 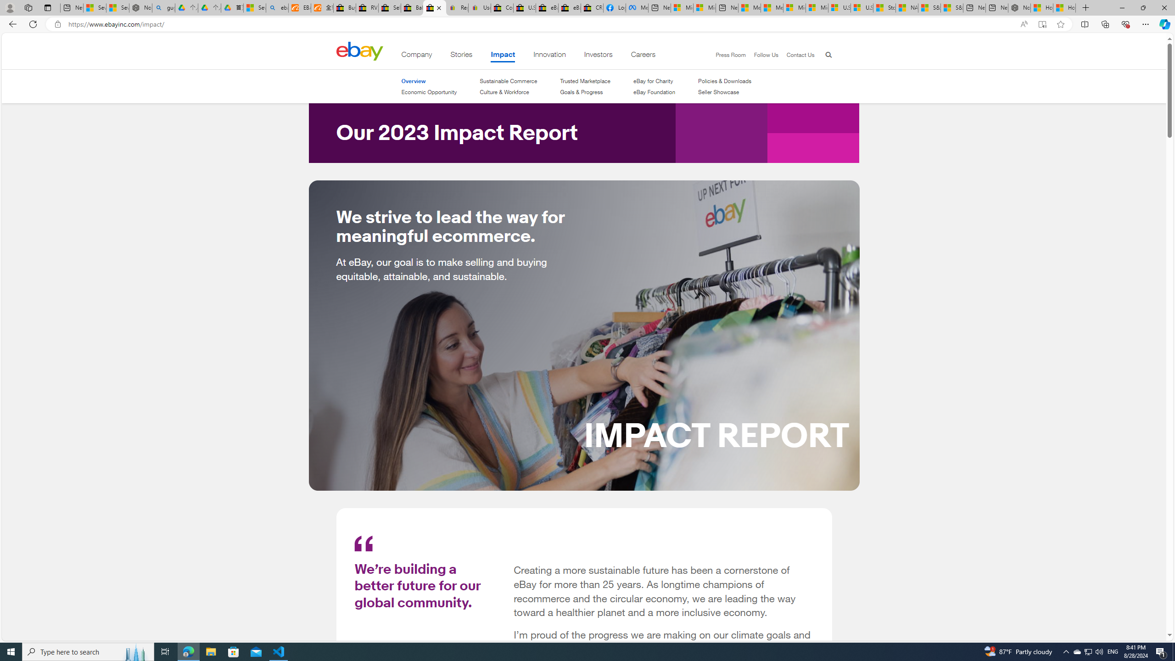 I want to click on 'Careers', so click(x=643, y=56).